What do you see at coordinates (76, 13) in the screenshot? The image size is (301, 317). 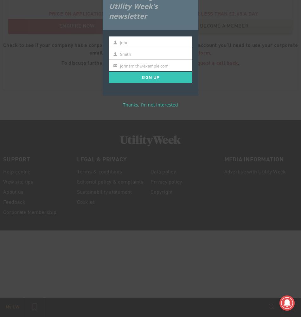 I see `'Price on application'` at bounding box center [76, 13].